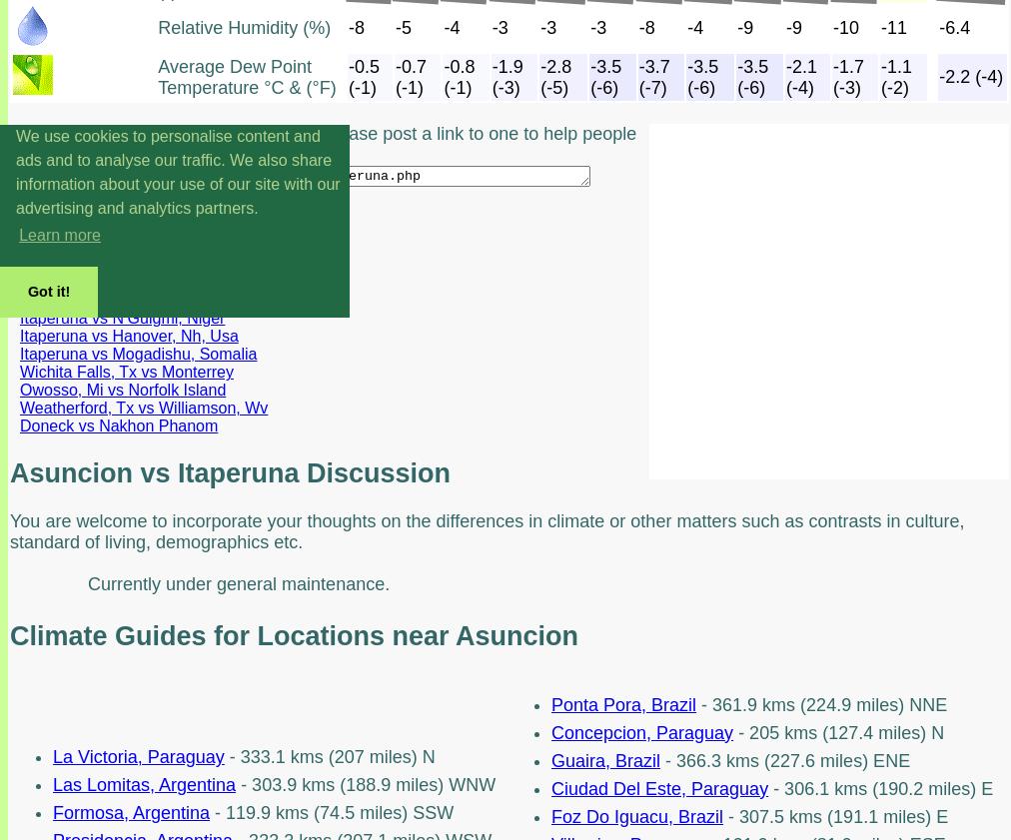 Image resolution: width=1011 pixels, height=840 pixels. Describe the element at coordinates (365, 784) in the screenshot. I see `'- 303.9 kms (188.9 miles) WNW'` at that location.